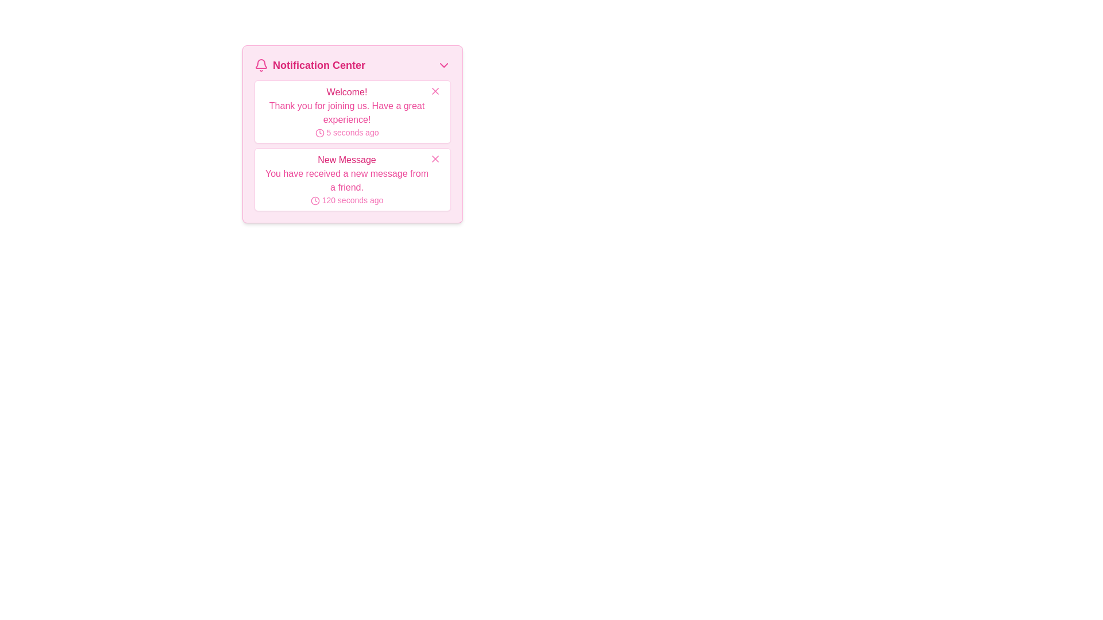  Describe the element at coordinates (319, 65) in the screenshot. I see `the 'Notification Center' header text label located at the top-left of the notification dropdown interface` at that location.